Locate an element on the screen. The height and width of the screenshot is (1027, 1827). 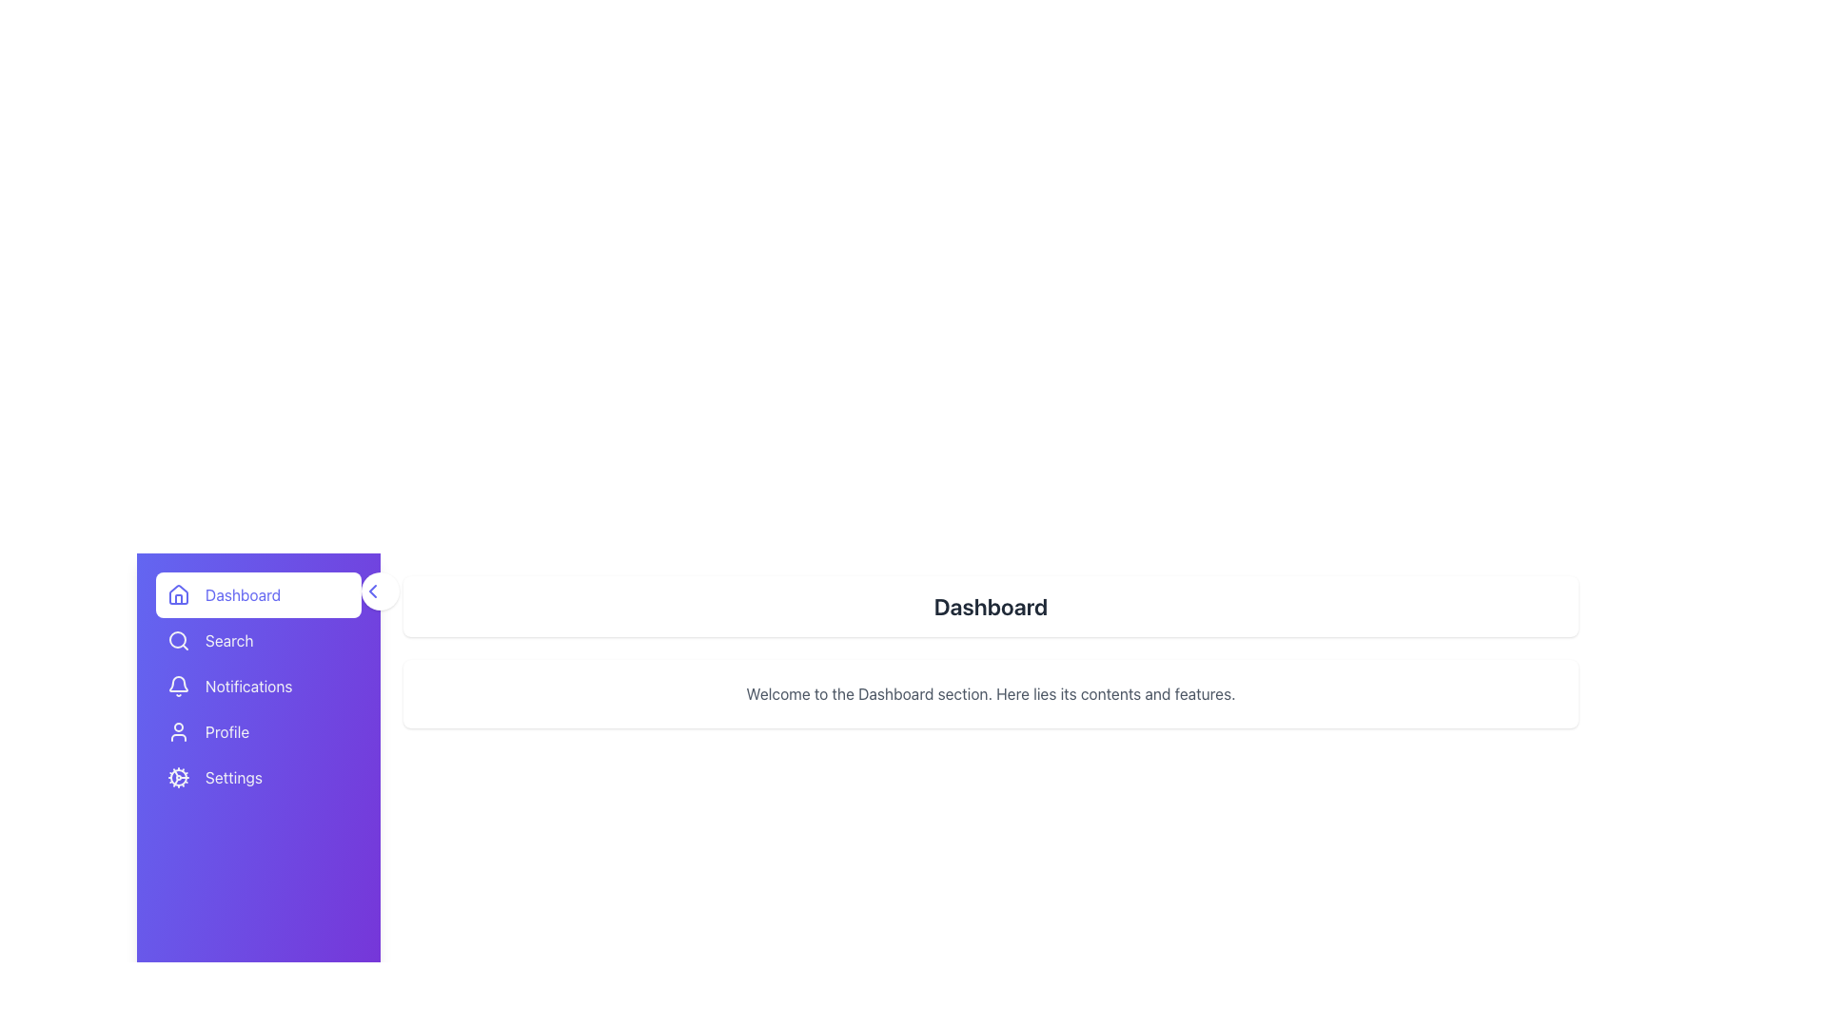
the 'Settings' text label, which is styled in white against a purple background and located below the 'Profile' option in the vertical navigation panel is located at coordinates (232, 777).